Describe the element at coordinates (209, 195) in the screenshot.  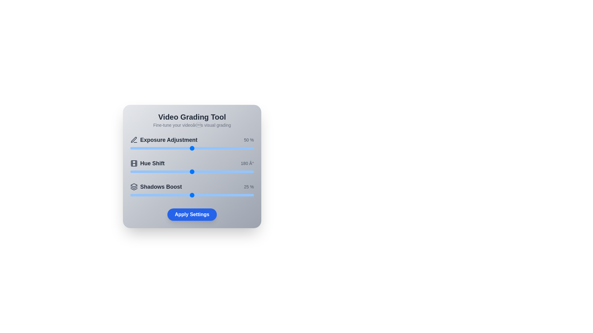
I see `the 'Shadows Boost' slider` at that location.